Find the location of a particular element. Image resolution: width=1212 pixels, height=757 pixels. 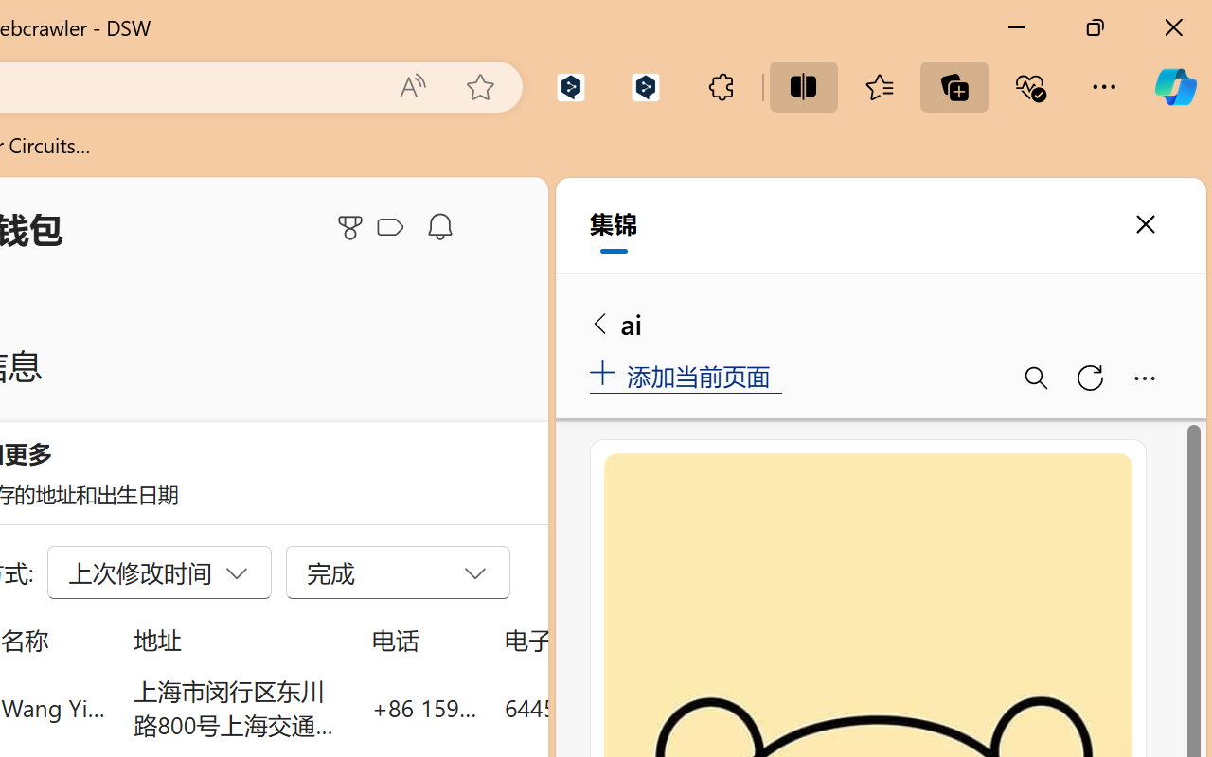

'Class: ___1lmltc5 f1agt3bx f12qytpq' is located at coordinates (389, 227).